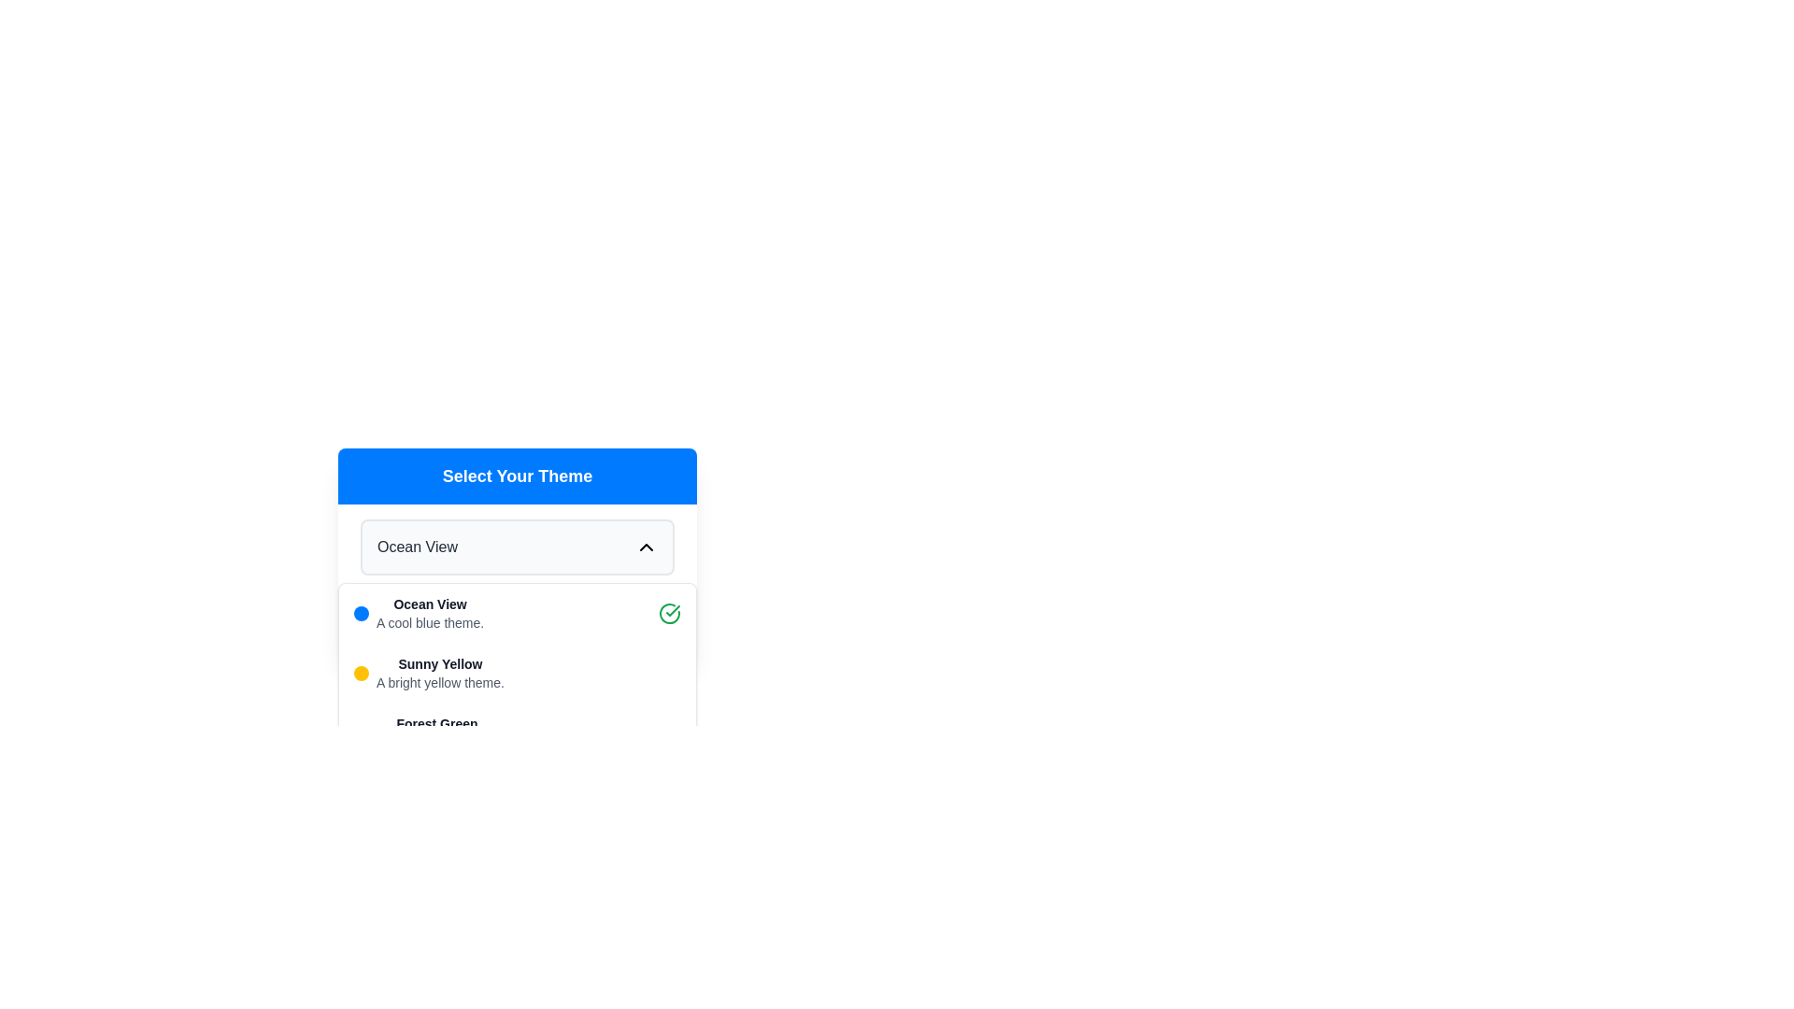 Image resolution: width=1794 pixels, height=1009 pixels. I want to click on the third list item in the dropdown menu that has bold text 'Forest Green' with a description 'A fresh green theme.' and a small green circular icon to the left, so click(425, 732).